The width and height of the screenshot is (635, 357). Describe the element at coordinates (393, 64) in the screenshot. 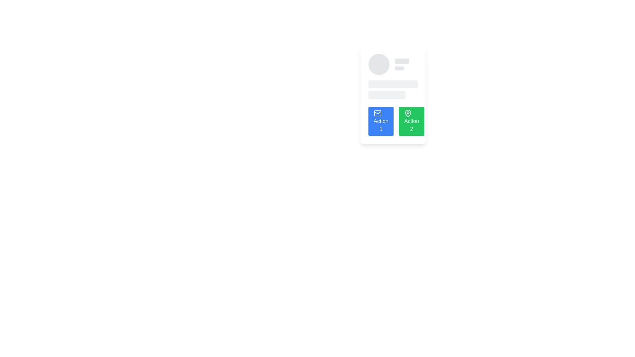

I see `the placeholder component that includes a circular avatar on the left and two stacked rectangular placeholders on the right, which has a light gray background and rounded edges` at that location.